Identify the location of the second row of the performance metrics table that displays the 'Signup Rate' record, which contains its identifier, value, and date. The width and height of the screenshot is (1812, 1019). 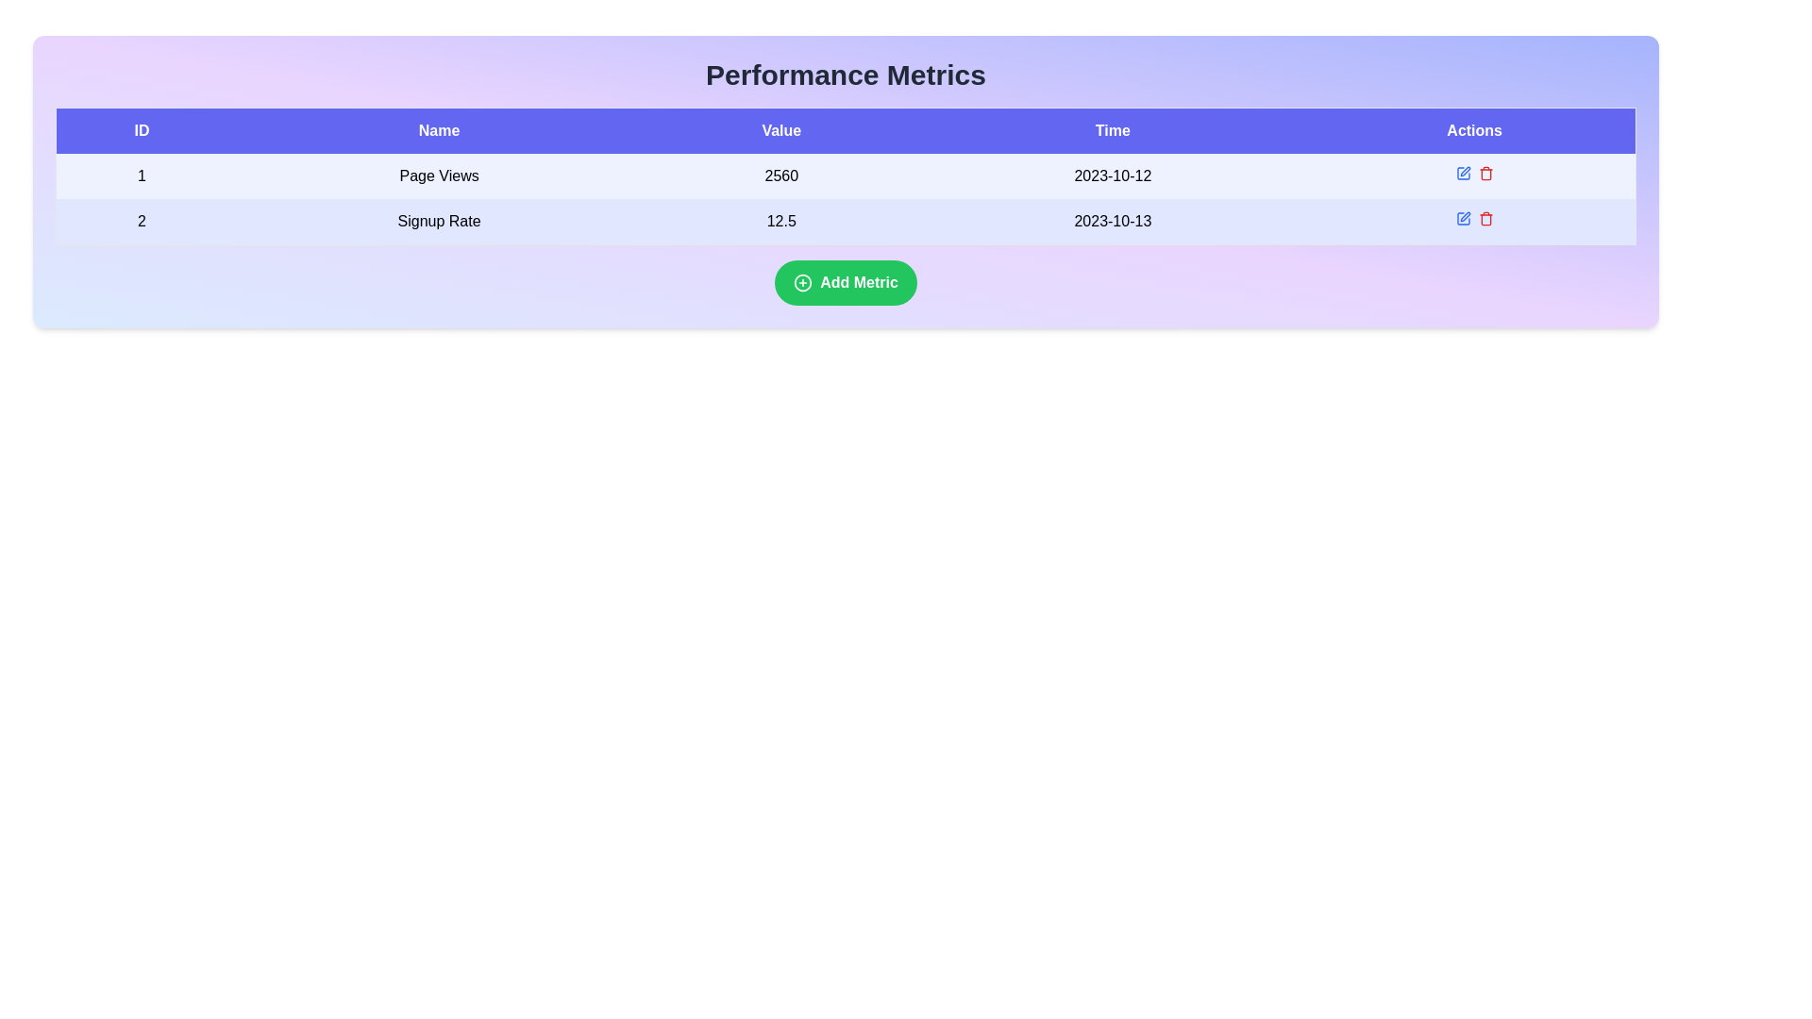
(845, 221).